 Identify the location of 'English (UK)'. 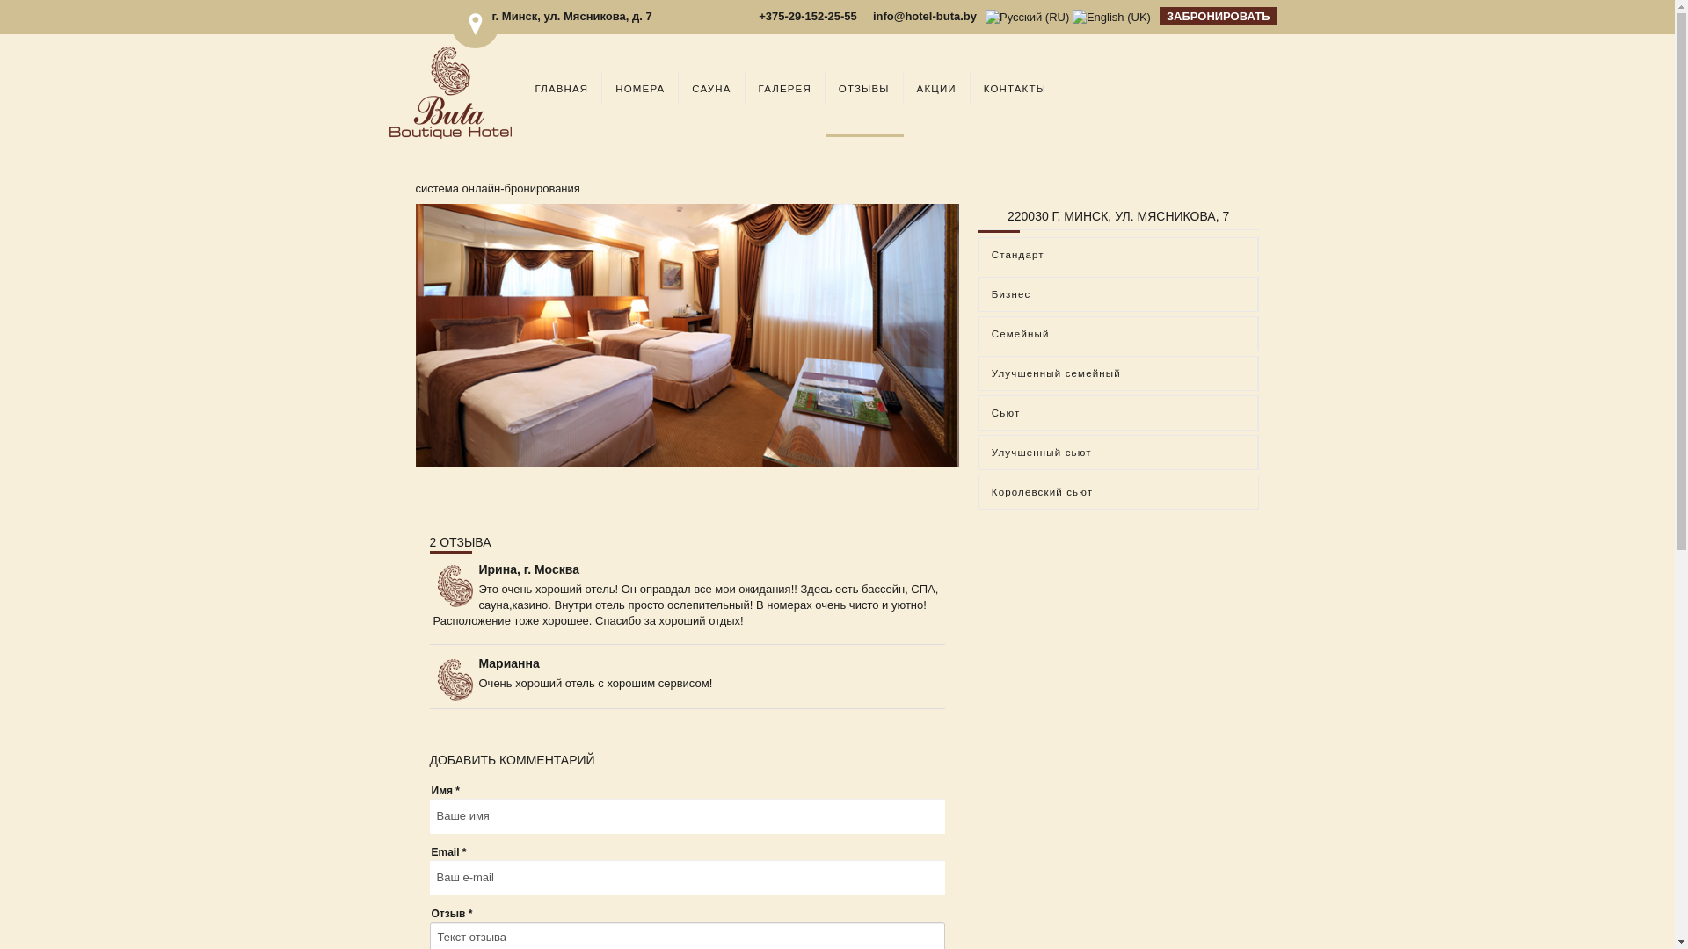
(1110, 17).